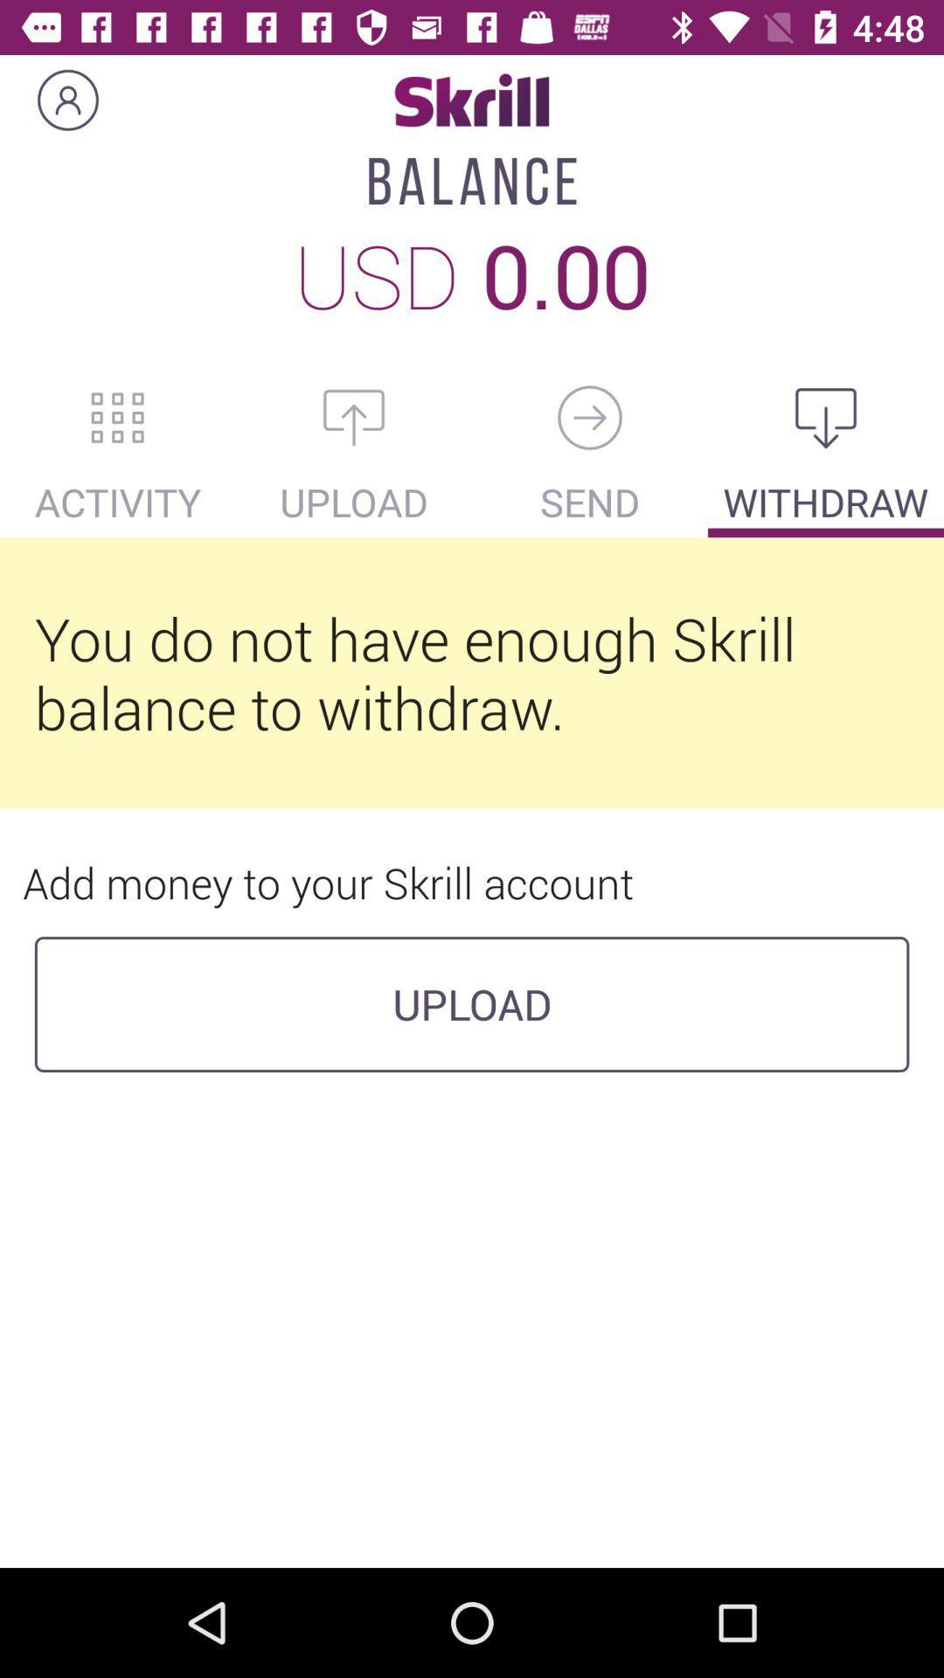 The width and height of the screenshot is (944, 1678). I want to click on next, so click(590, 417).